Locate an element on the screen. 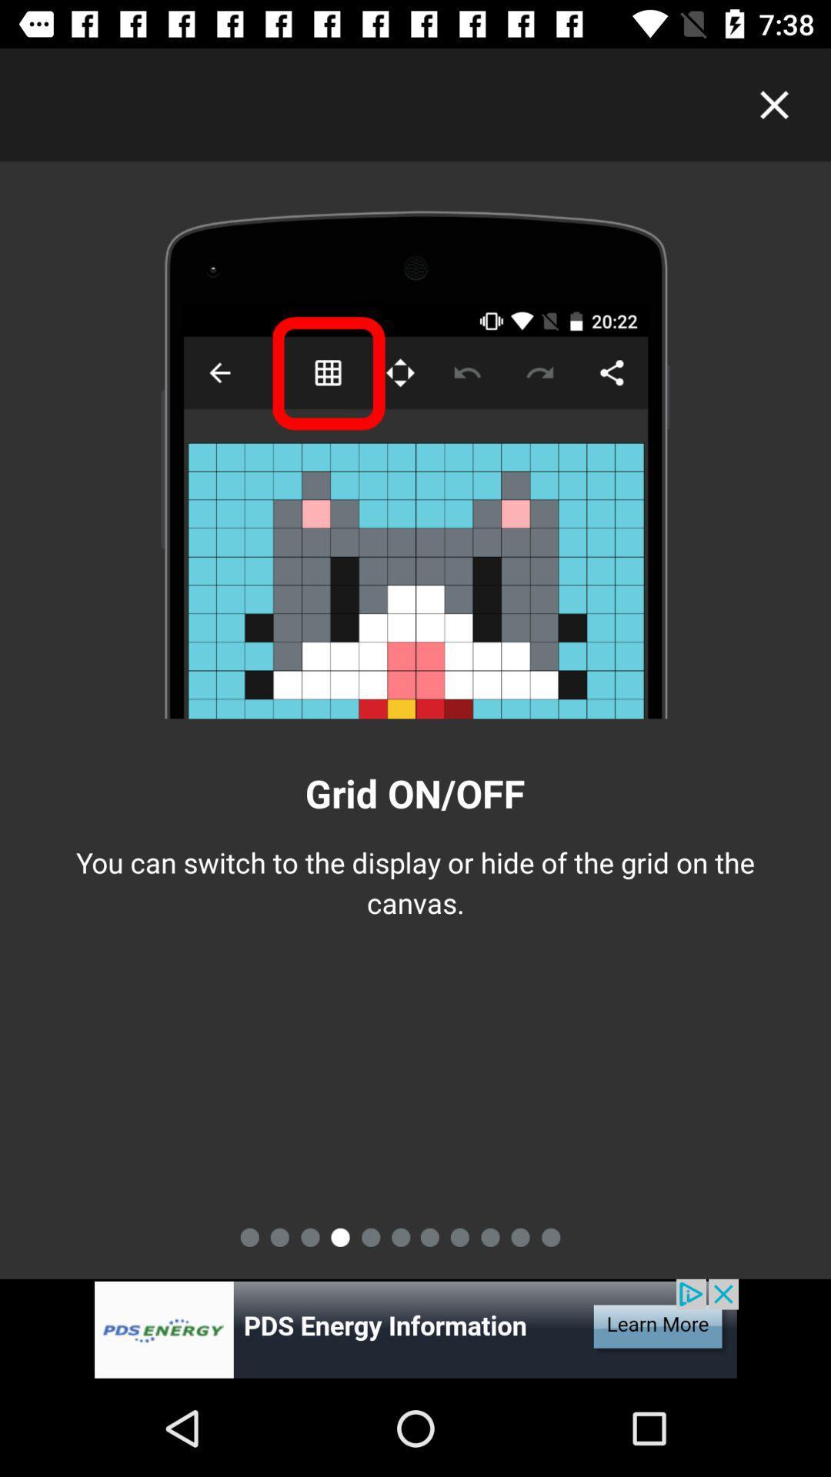  app is located at coordinates (774, 104).